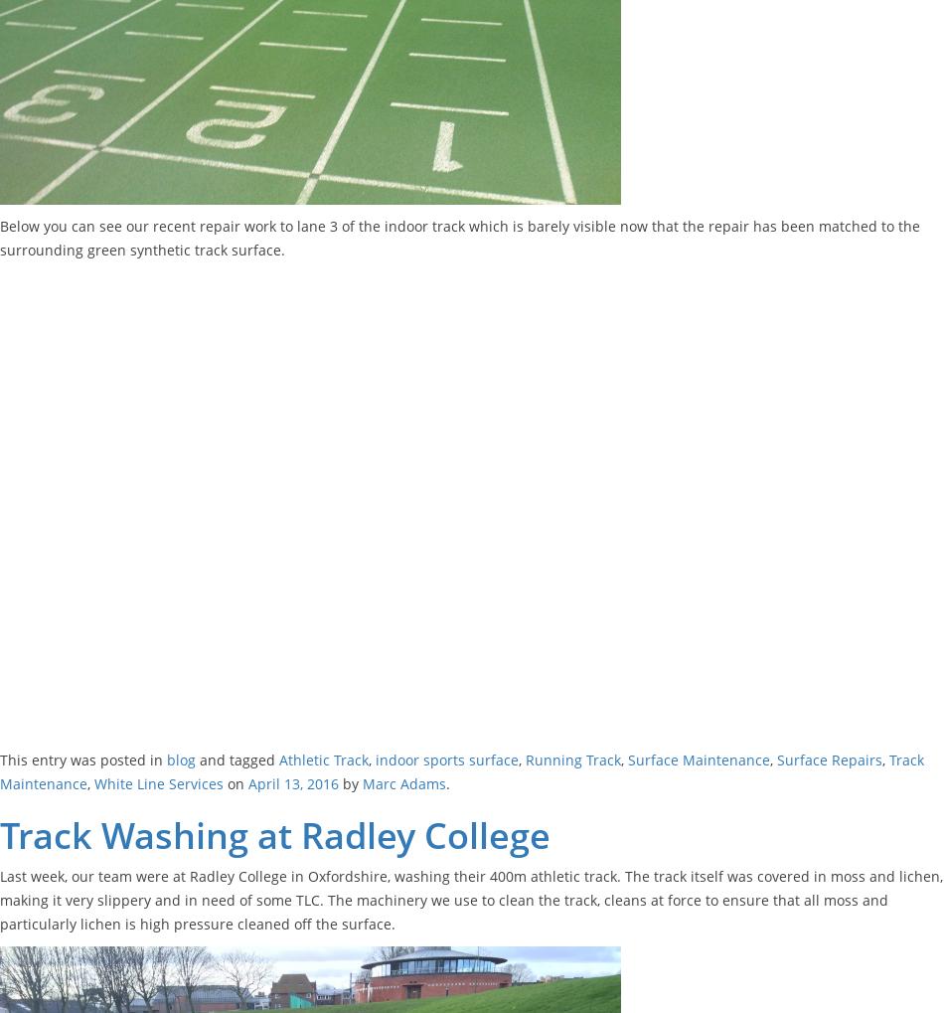  What do you see at coordinates (274, 833) in the screenshot?
I see `'Track Washing at Radley College'` at bounding box center [274, 833].